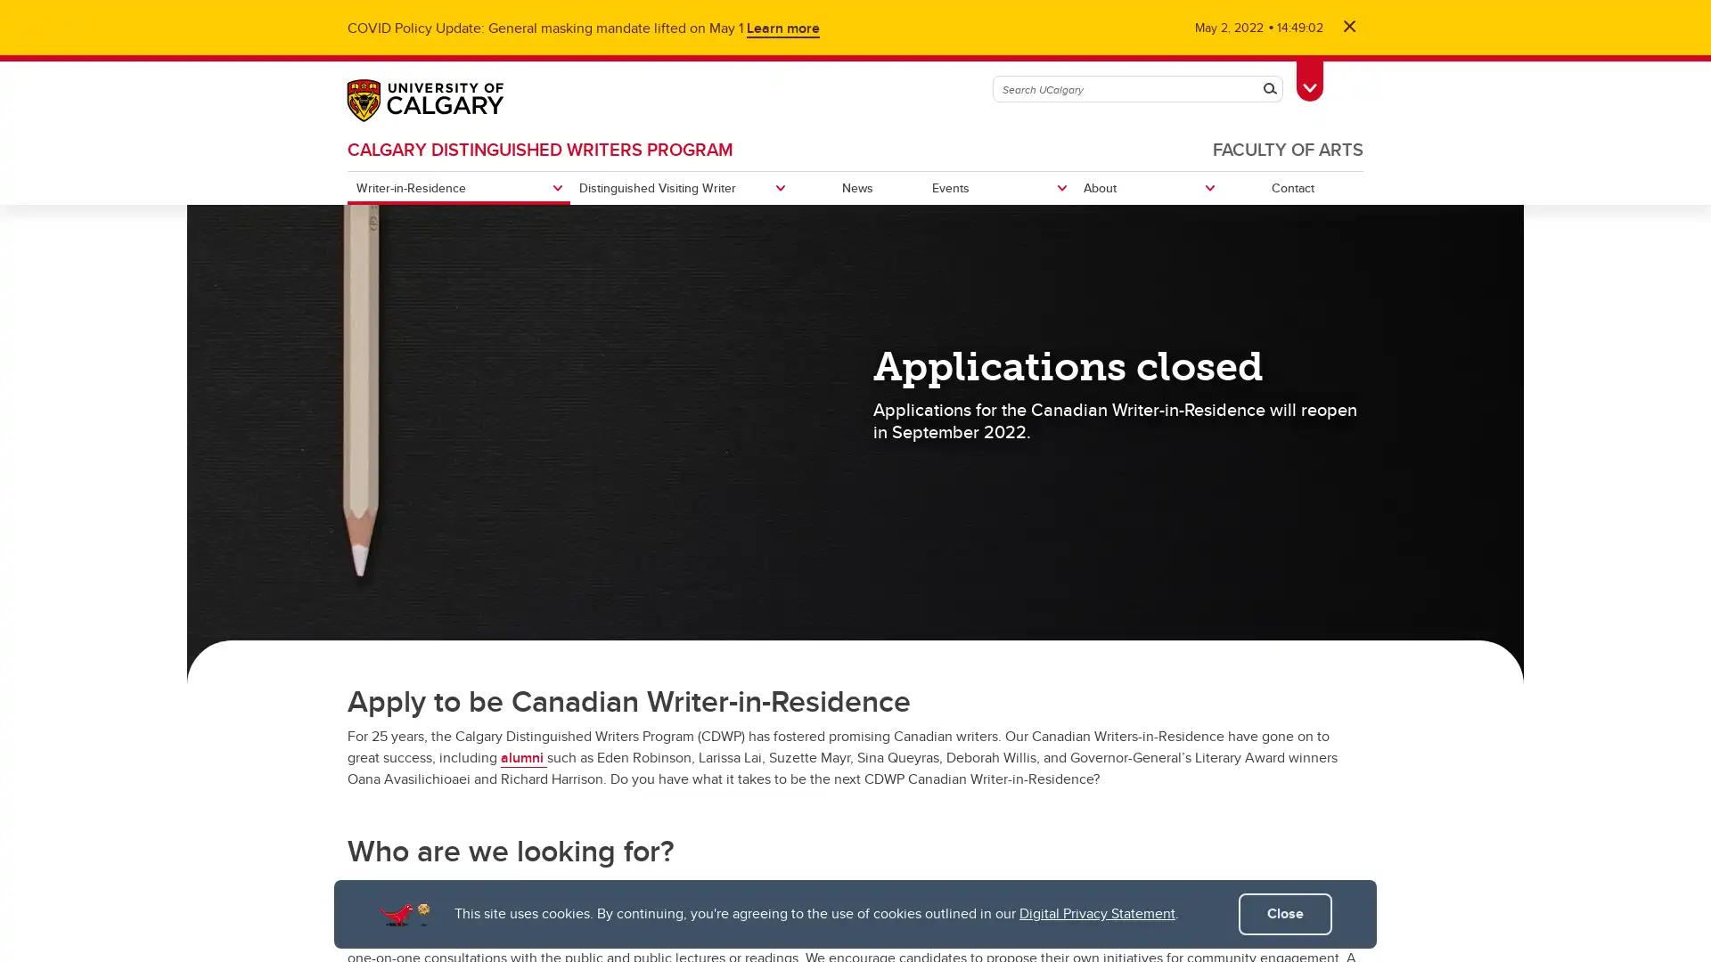 This screenshot has width=1711, height=962. Describe the element at coordinates (1309, 77) in the screenshot. I see `Toggle Toolbox` at that location.